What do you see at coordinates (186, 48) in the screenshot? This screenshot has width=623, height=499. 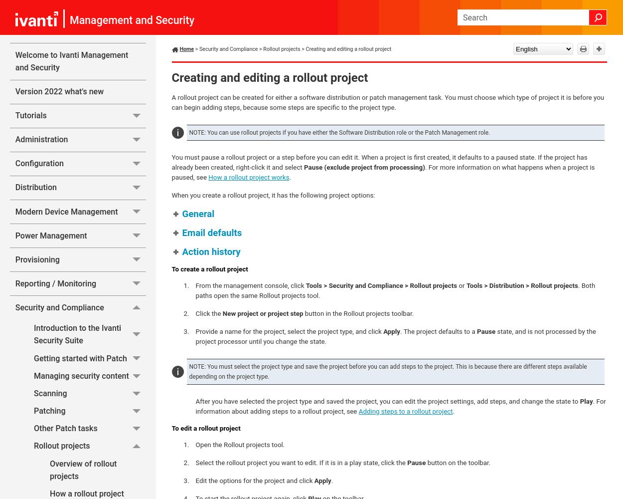 I see `'Home'` at bounding box center [186, 48].